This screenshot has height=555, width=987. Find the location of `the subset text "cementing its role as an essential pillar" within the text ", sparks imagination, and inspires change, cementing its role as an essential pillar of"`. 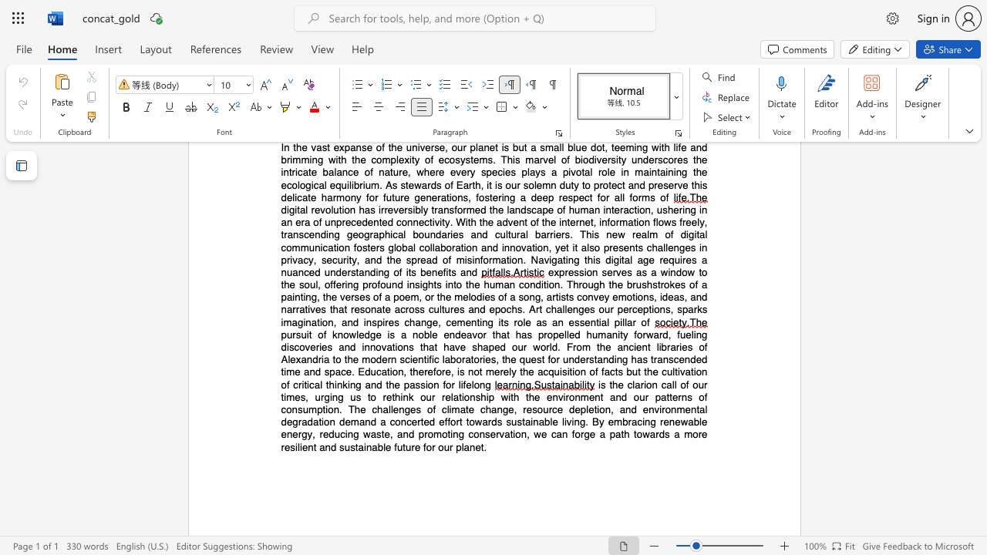

the subset text "cementing its role as an essential pillar" within the text ", sparks imagination, and inspires change, cementing its role as an essential pillar of" is located at coordinates (445, 321).